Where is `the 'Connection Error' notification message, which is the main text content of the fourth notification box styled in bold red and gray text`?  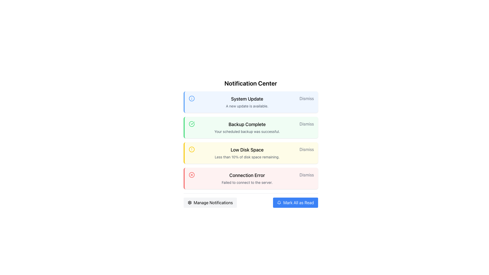
the 'Connection Error' notification message, which is the main text content of the fourth notification box styled in bold red and gray text is located at coordinates (247, 178).